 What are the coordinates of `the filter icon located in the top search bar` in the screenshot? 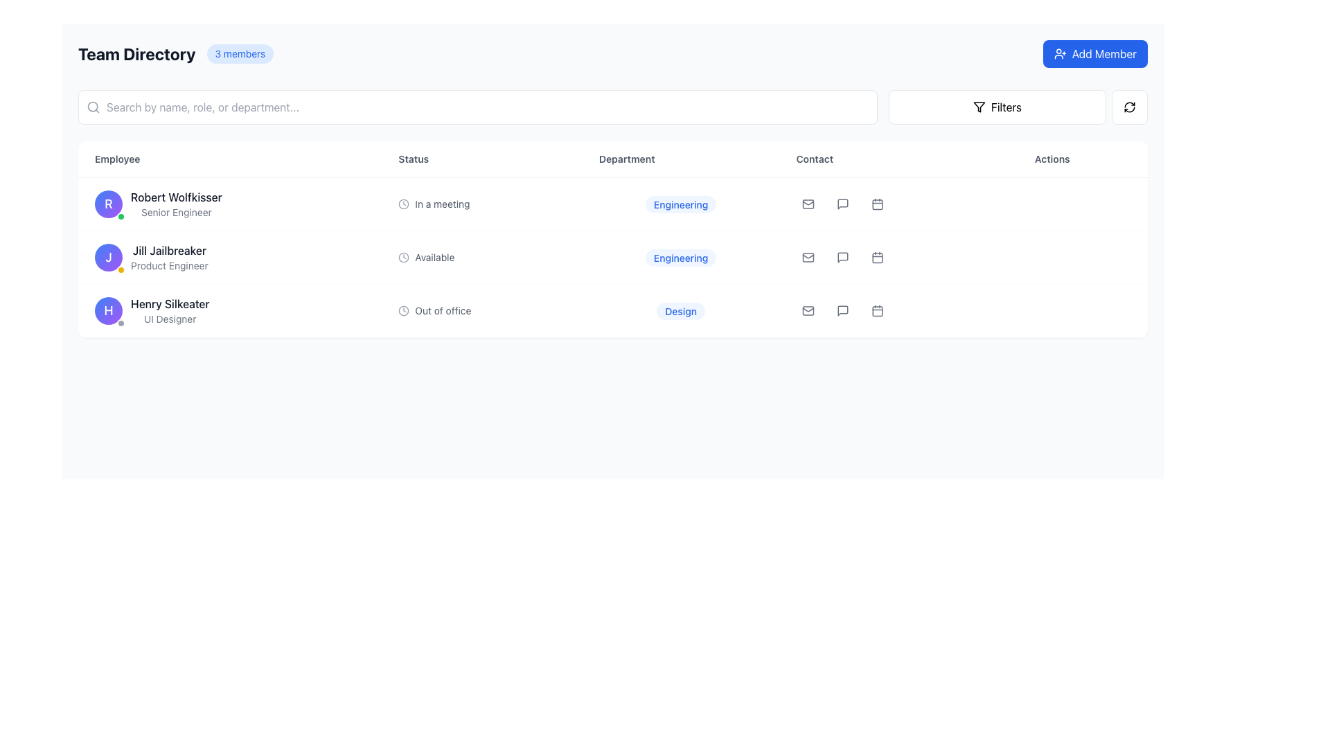 It's located at (978, 106).